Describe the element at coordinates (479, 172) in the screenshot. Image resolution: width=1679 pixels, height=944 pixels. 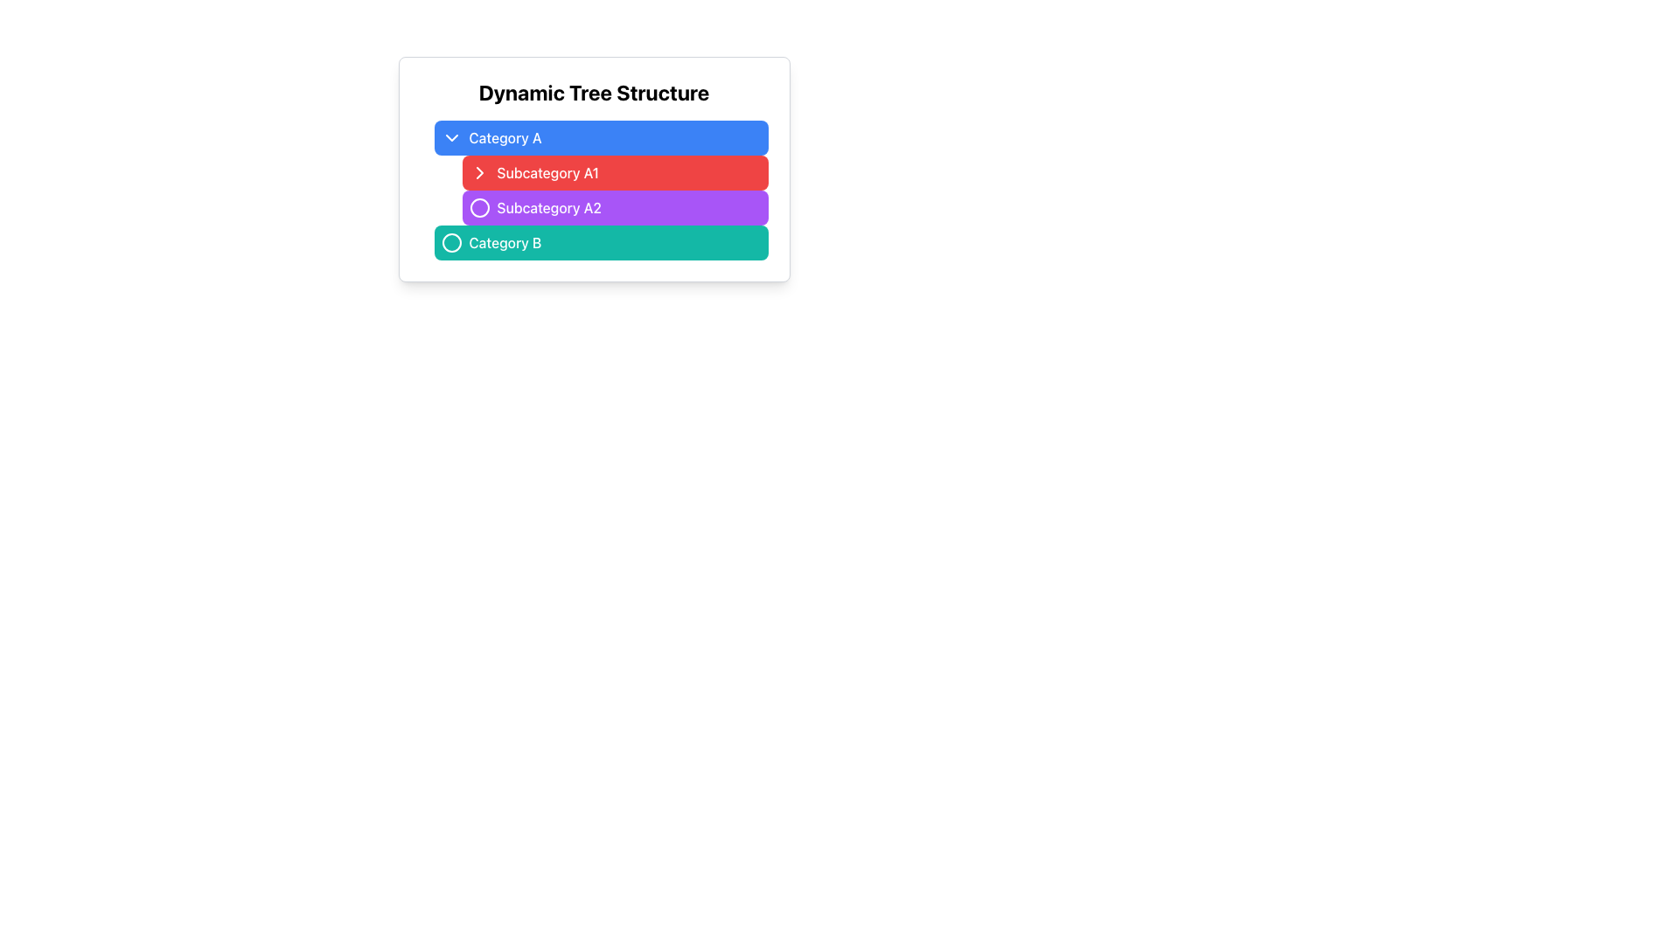
I see `the Decorative Icon, a small right-pointing chevron styled in white against a red rectangular background, positioned to the left of the 'Subcategory A1' label` at that location.